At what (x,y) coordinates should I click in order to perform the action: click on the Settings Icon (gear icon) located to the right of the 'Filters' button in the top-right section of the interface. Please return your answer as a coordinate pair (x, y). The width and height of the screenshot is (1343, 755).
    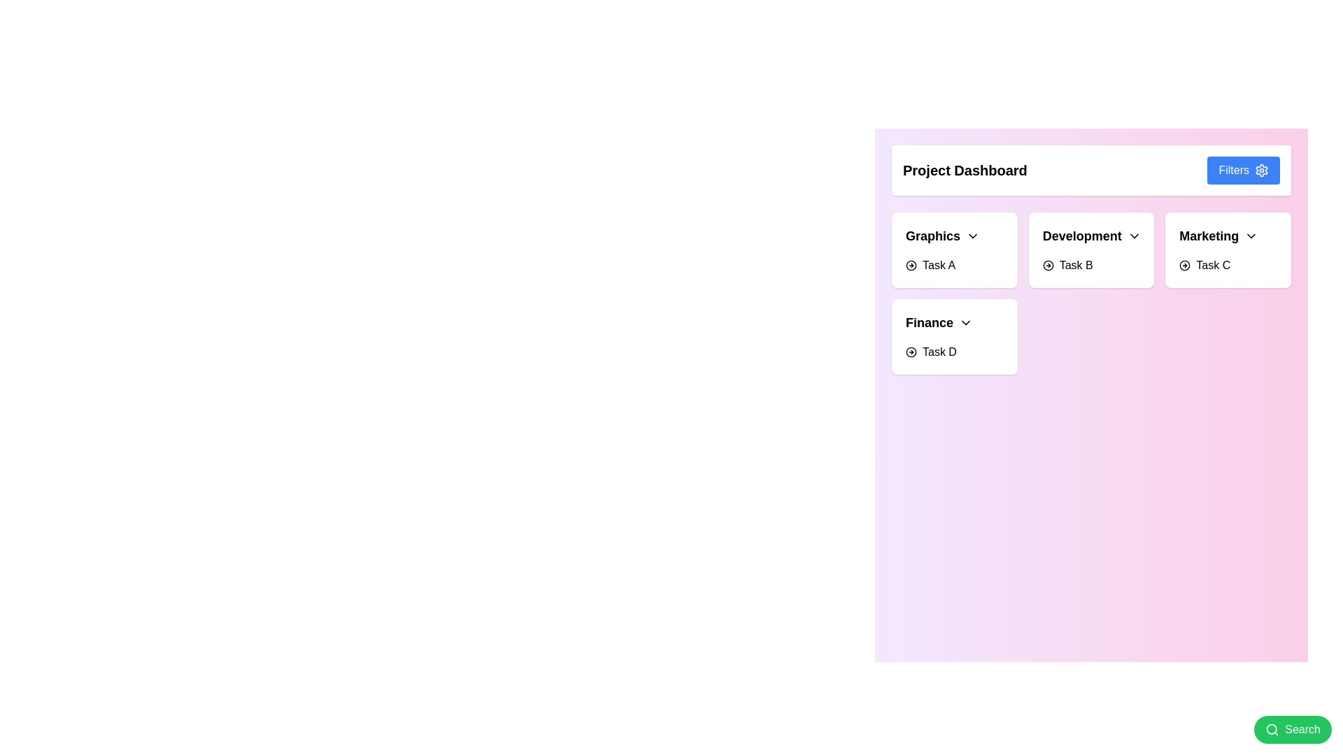
    Looking at the image, I should click on (1262, 169).